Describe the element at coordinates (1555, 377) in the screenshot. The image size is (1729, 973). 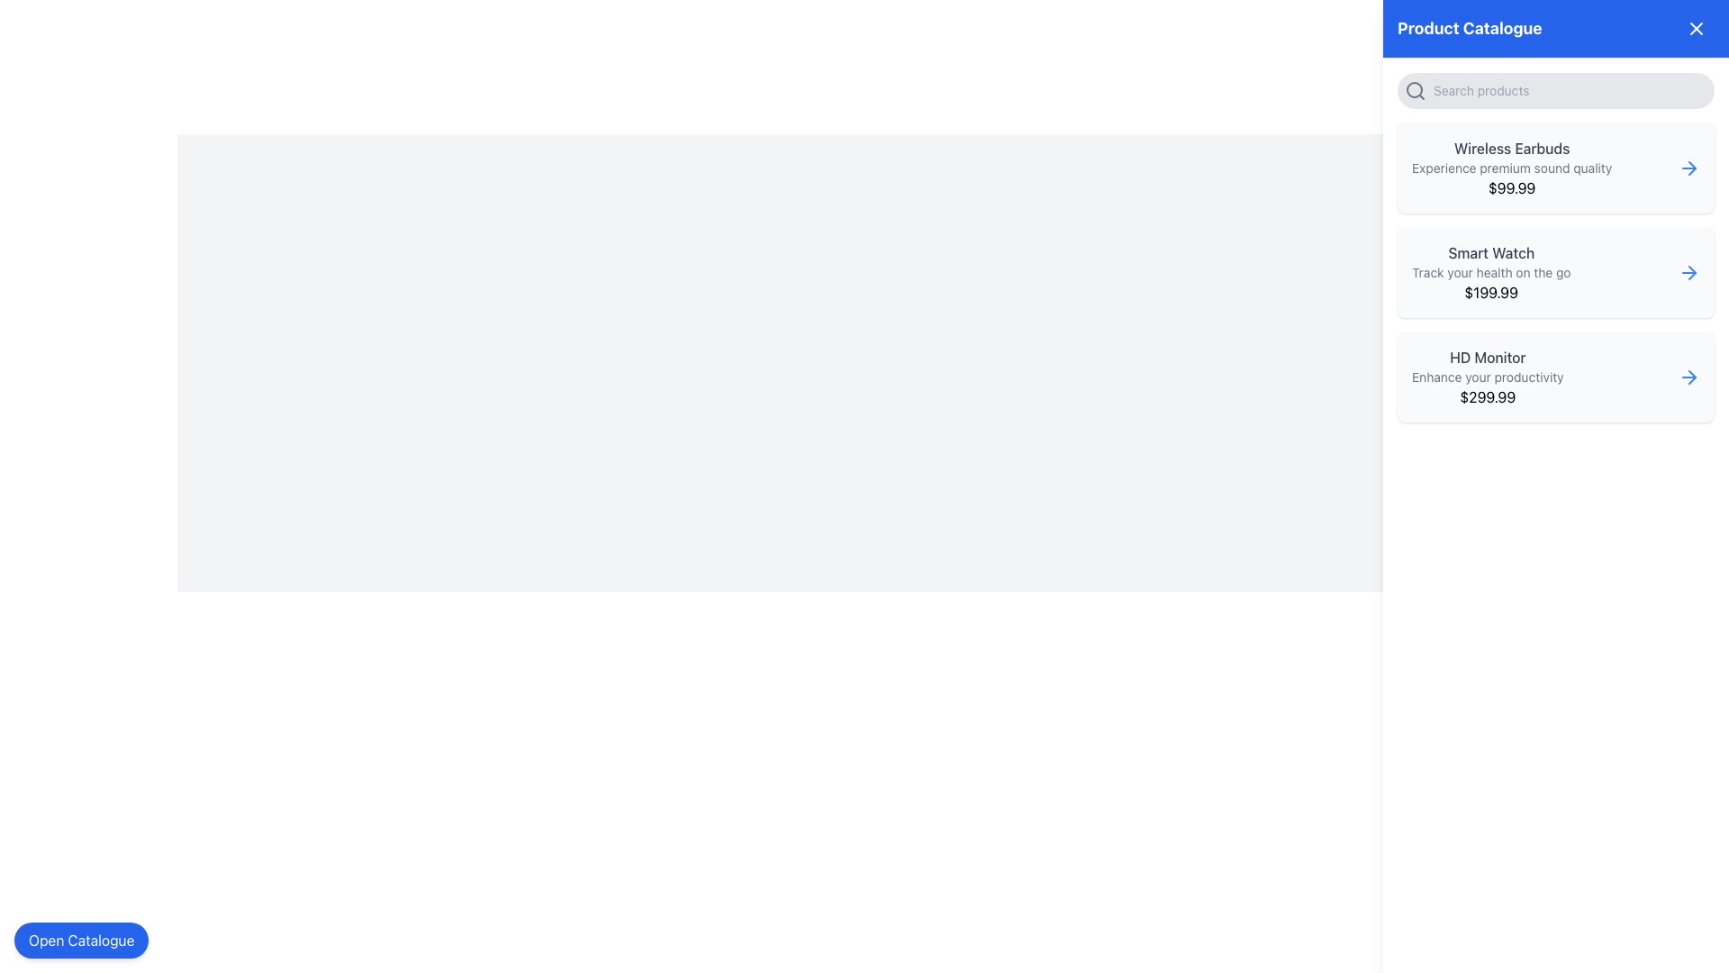
I see `the 'HD Monitor' card in the right panel of the 'Product Catalogue' section` at that location.